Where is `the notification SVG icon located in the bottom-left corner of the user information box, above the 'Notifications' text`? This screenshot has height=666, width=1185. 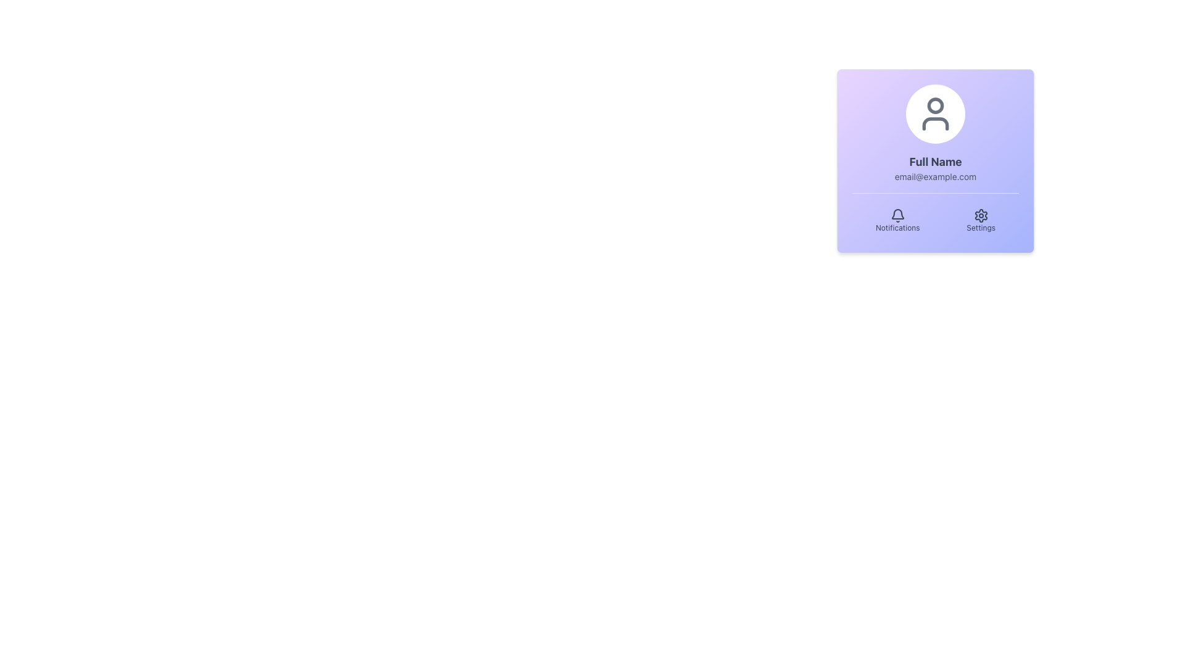
the notification SVG icon located in the bottom-left corner of the user information box, above the 'Notifications' text is located at coordinates (897, 215).